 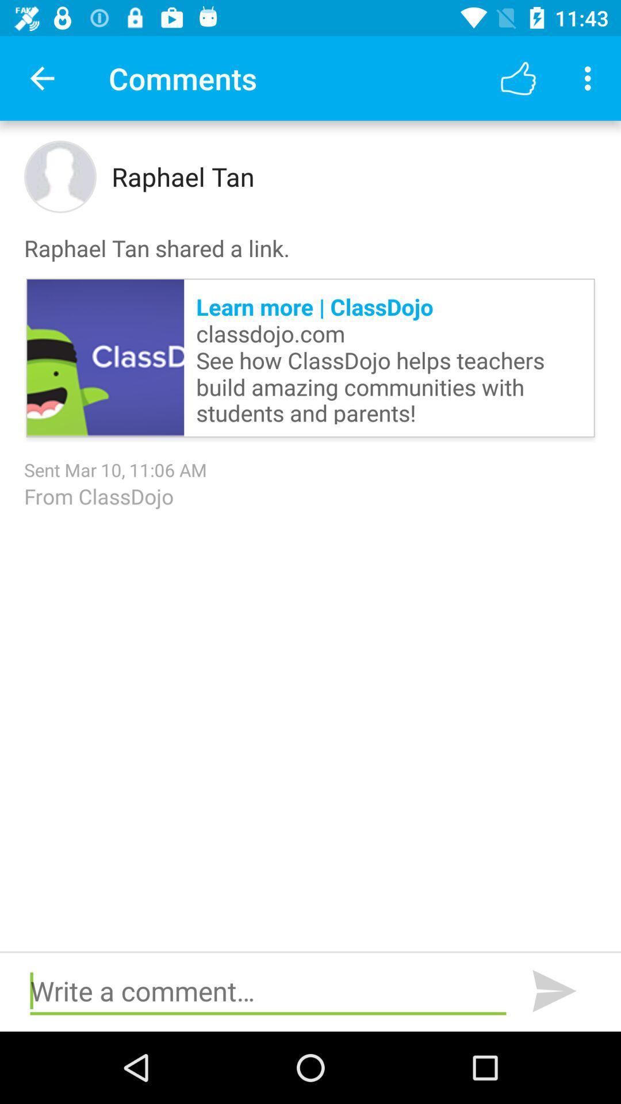 I want to click on item above the raphael tan shared icon, so click(x=591, y=78).